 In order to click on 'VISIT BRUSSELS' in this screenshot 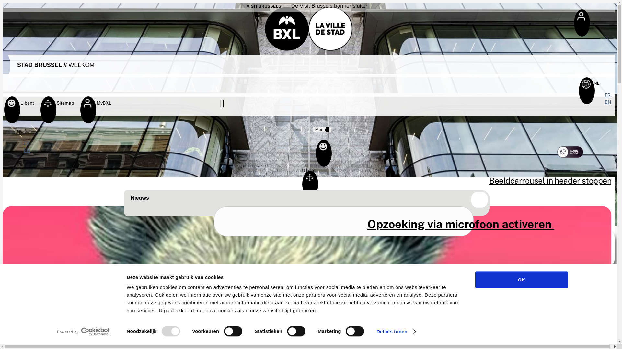, I will do `click(264, 6)`.